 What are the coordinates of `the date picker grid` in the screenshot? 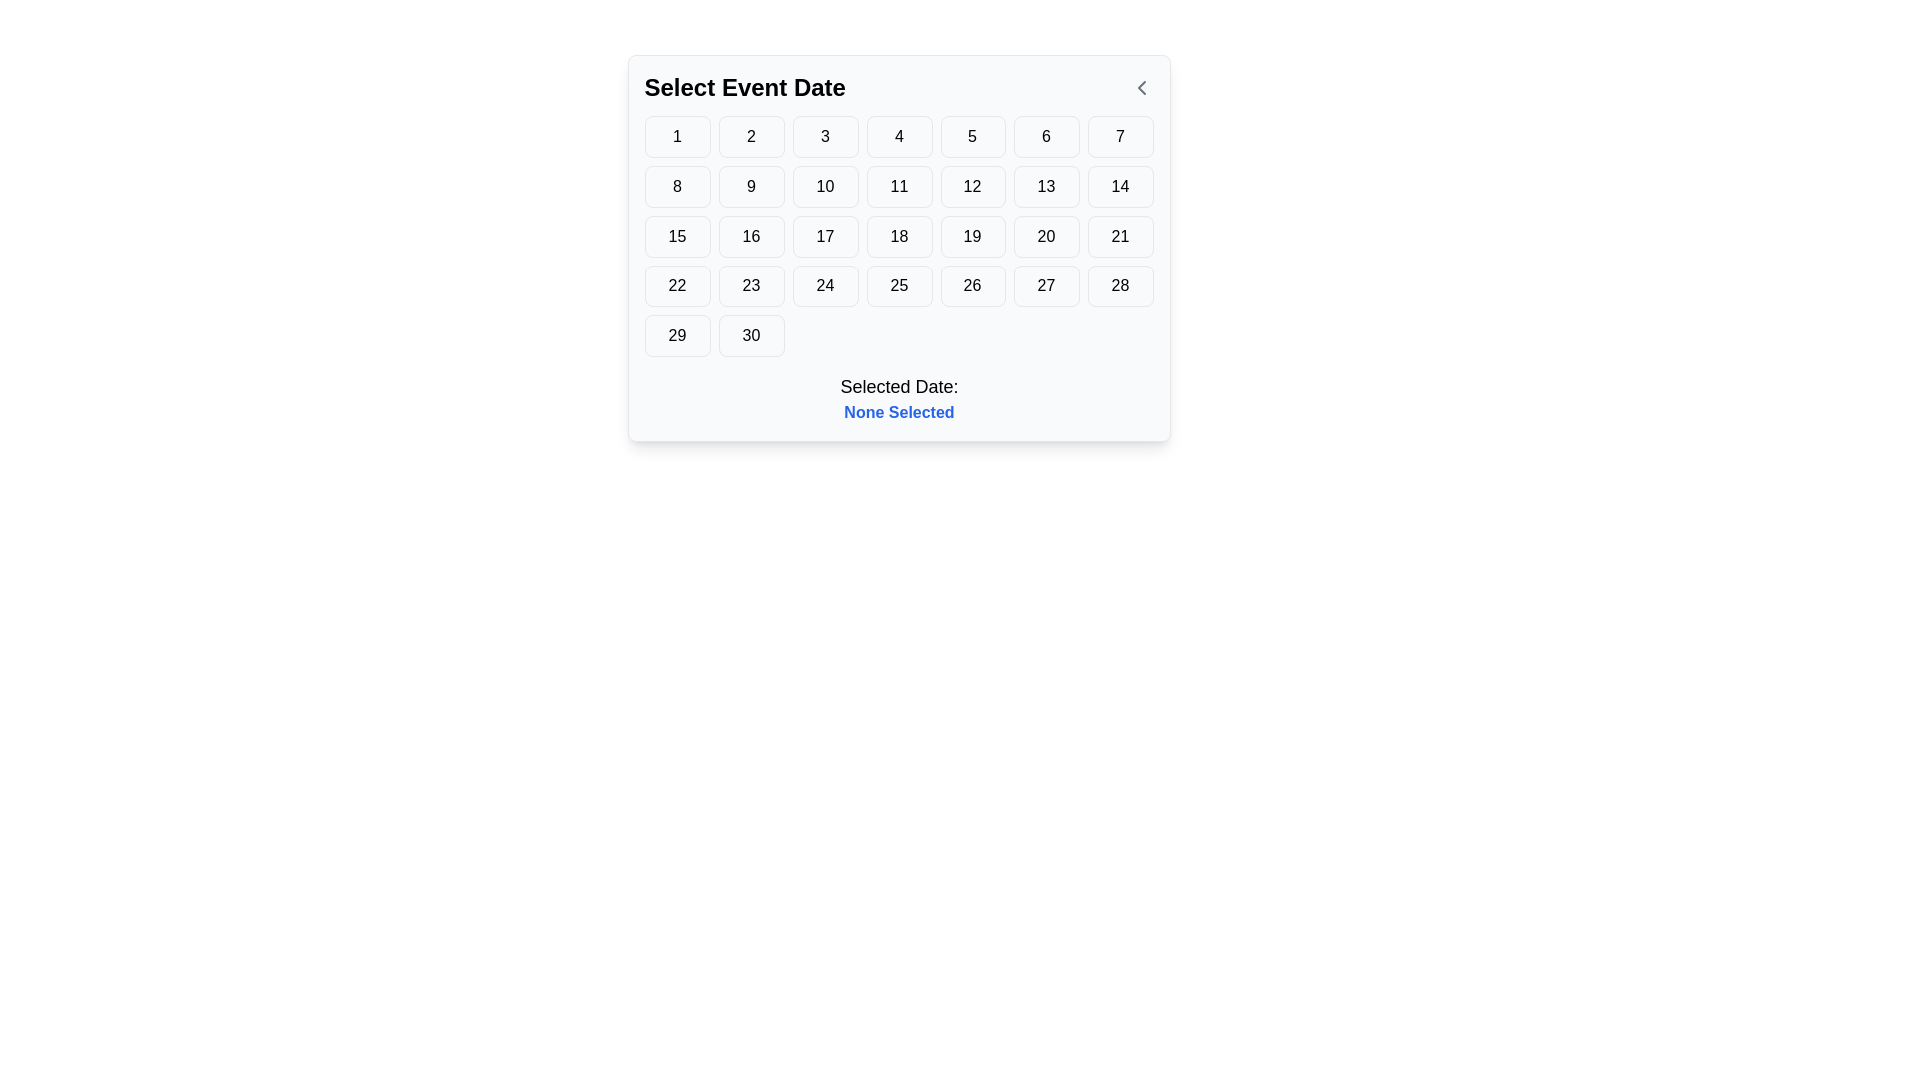 It's located at (898, 235).